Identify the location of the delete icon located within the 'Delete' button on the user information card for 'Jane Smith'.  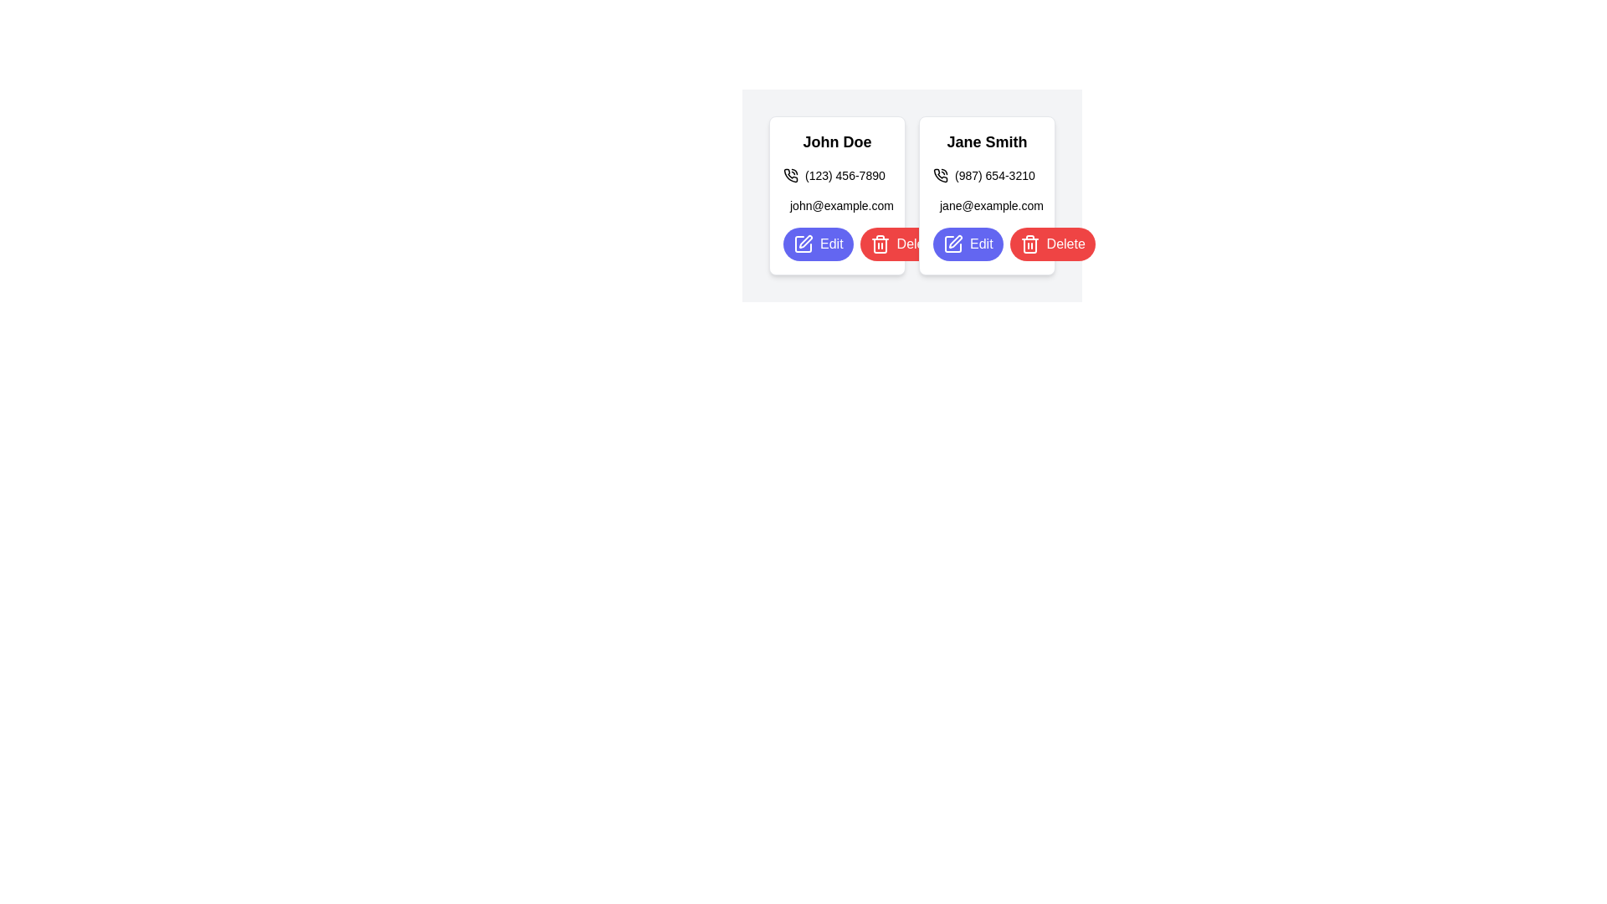
(1029, 244).